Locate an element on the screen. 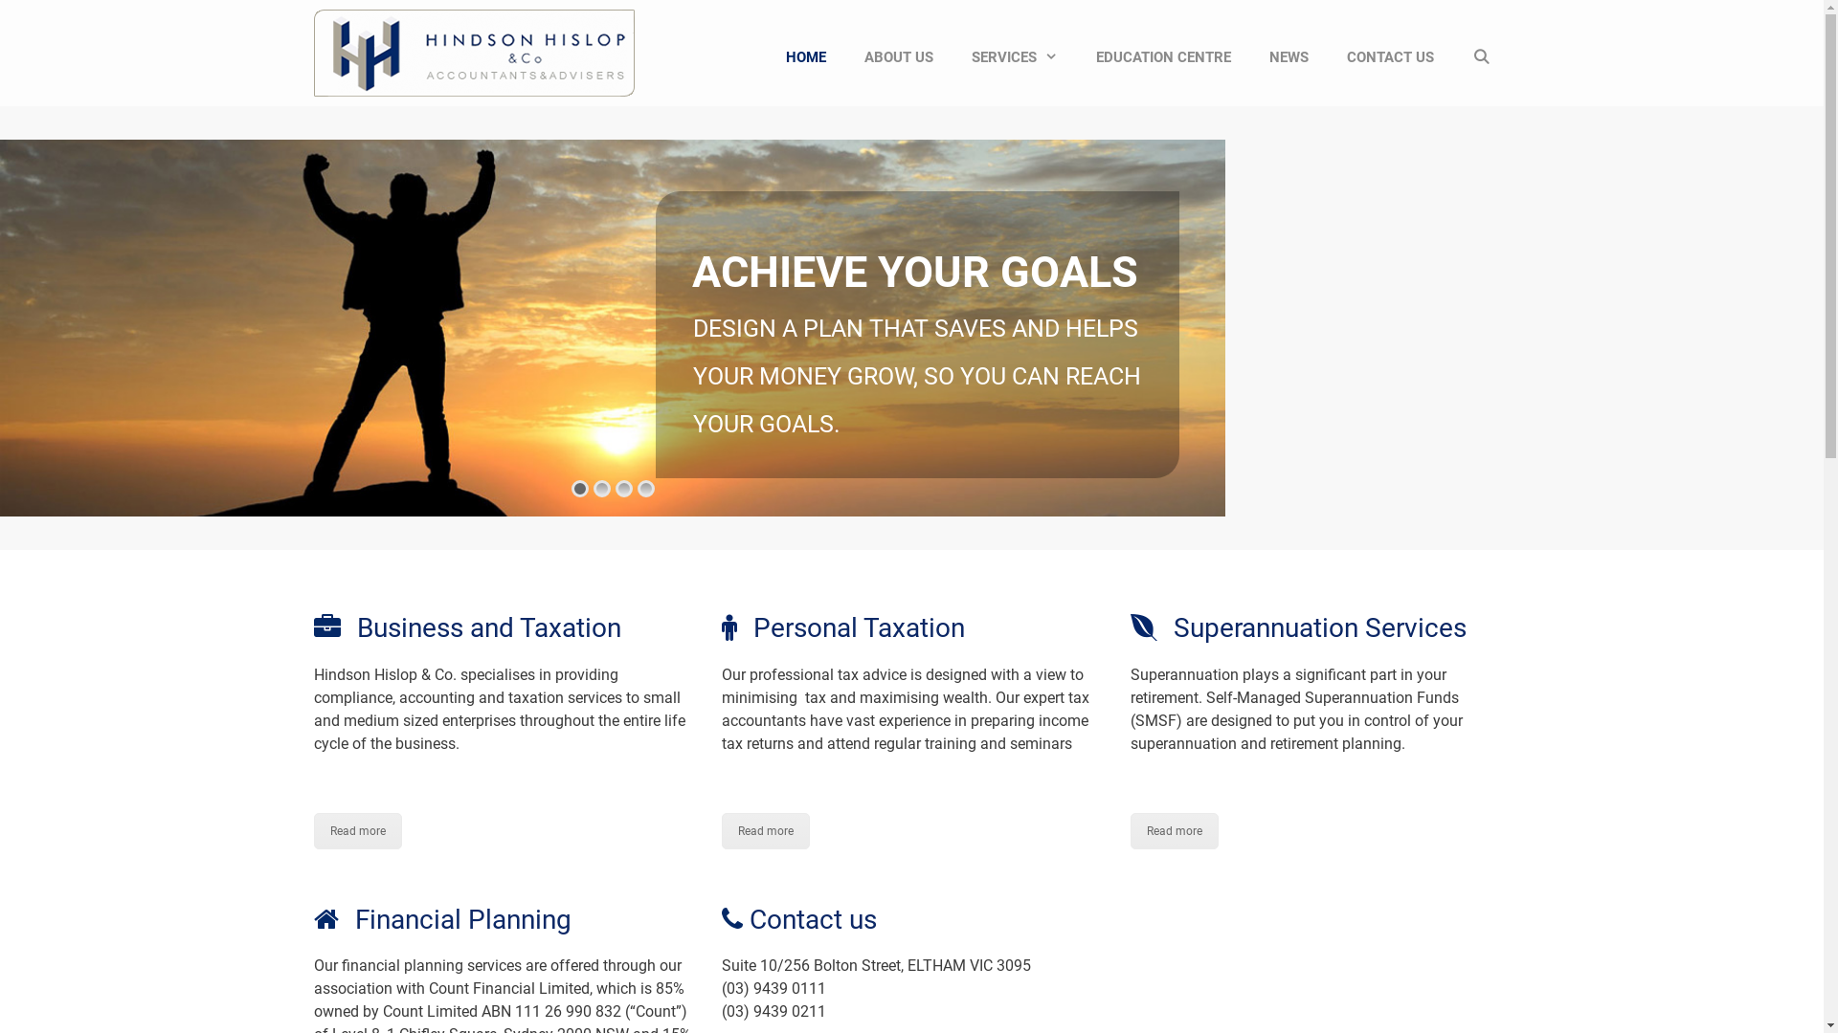 The image size is (1838, 1033). 'CONTACT US' is located at coordinates (1327, 56).